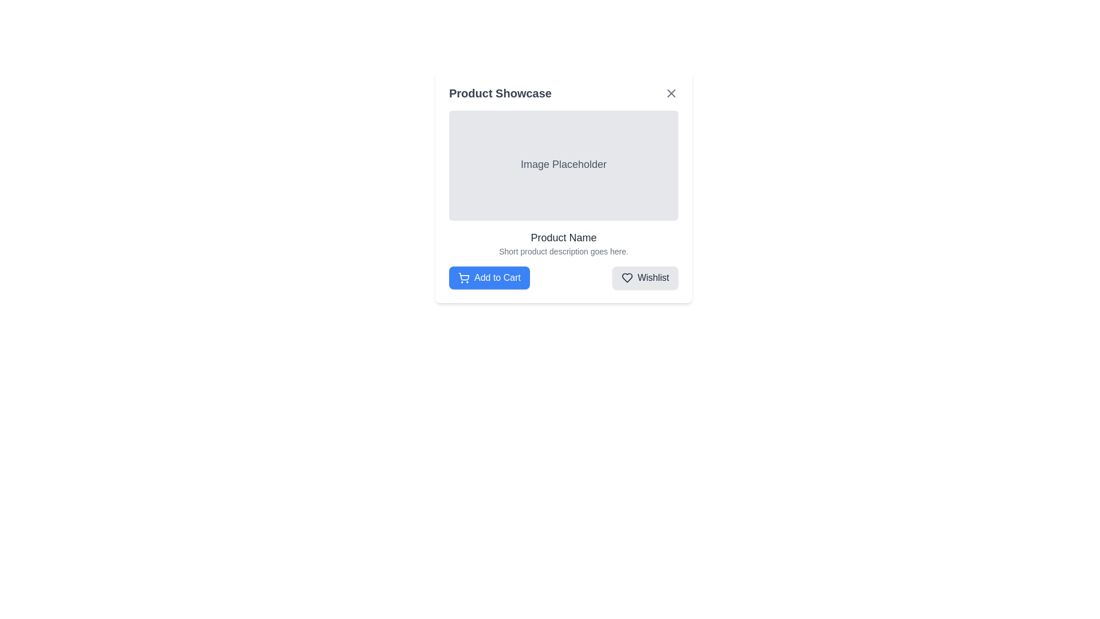 This screenshot has width=1100, height=619. Describe the element at coordinates (500, 92) in the screenshot. I see `the prominently styled heading text 'Product Showcase' located at the top center of the interface` at that location.